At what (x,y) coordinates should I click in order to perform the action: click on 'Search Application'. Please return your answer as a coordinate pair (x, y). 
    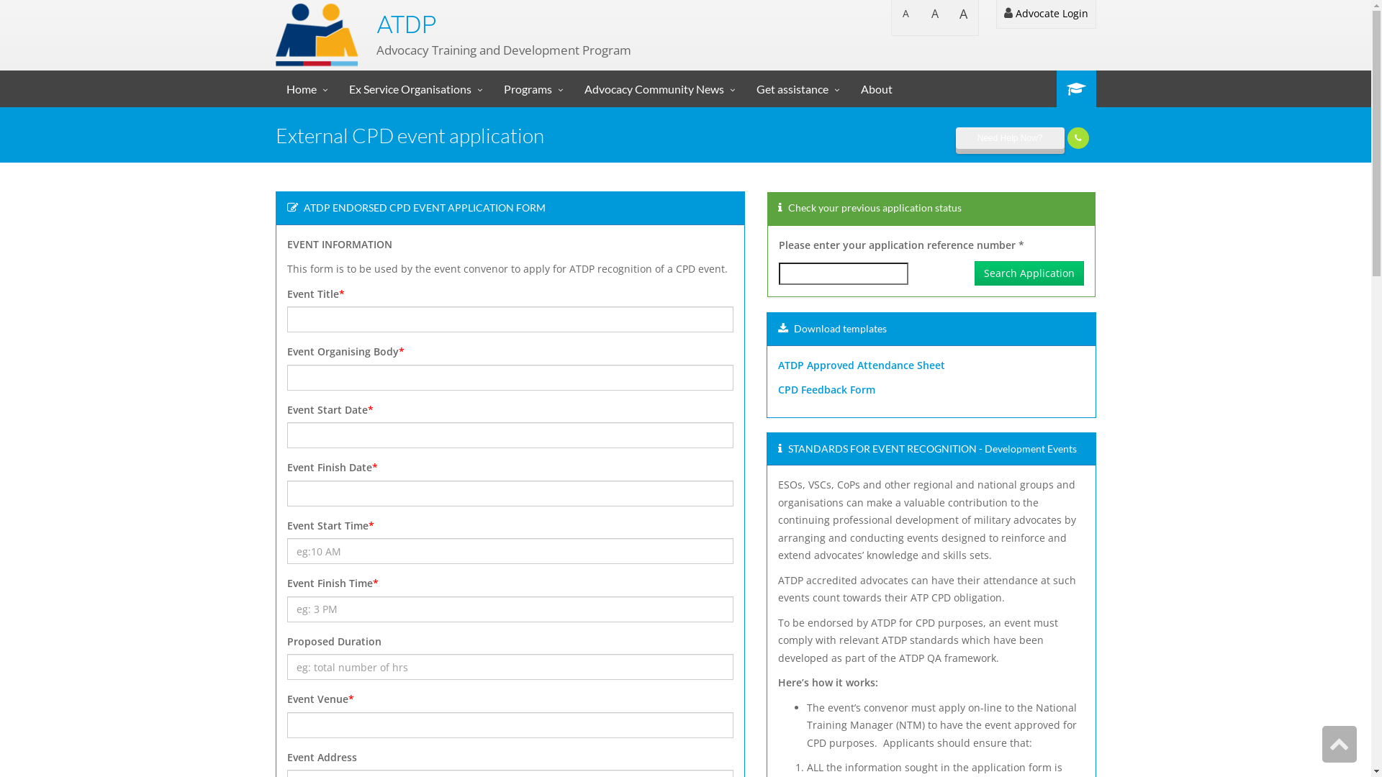
    Looking at the image, I should click on (1029, 273).